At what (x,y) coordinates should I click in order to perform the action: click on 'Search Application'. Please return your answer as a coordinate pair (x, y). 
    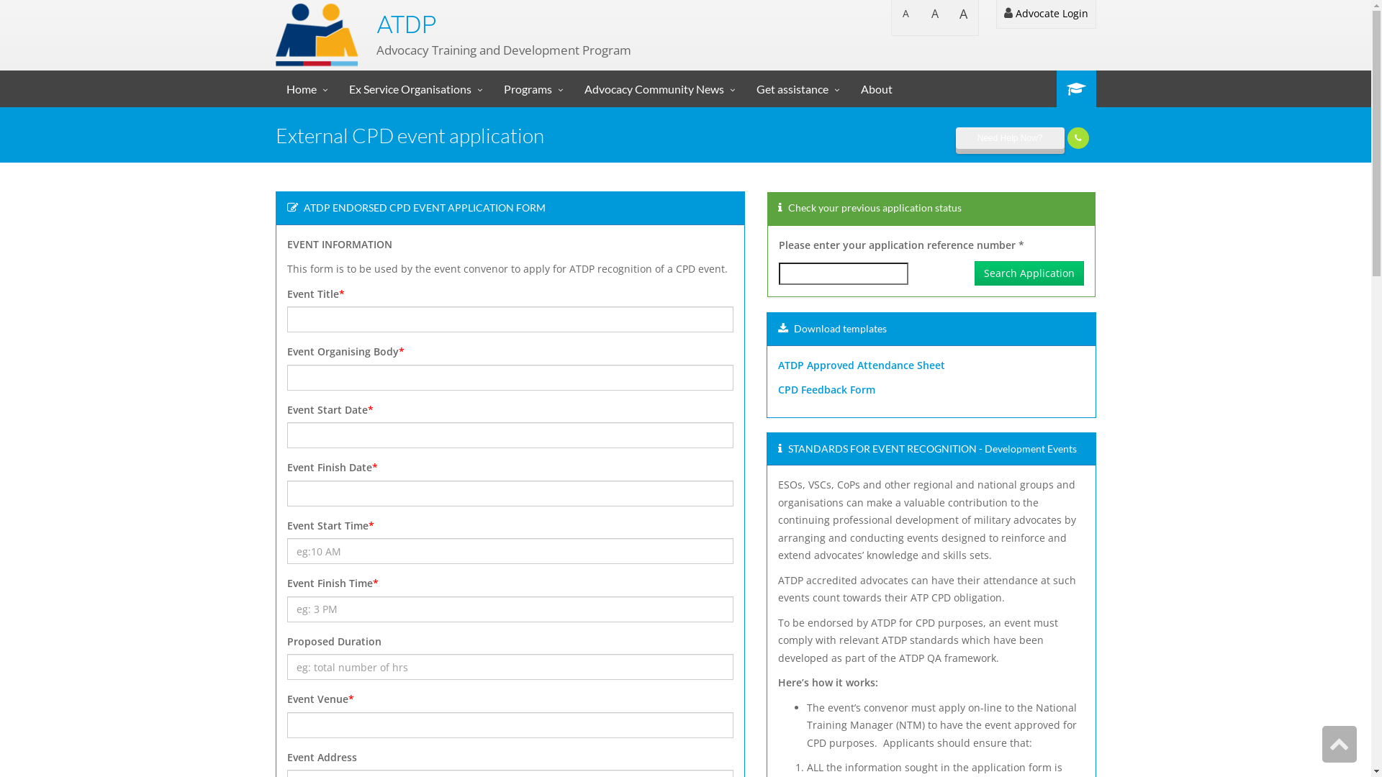
    Looking at the image, I should click on (1029, 273).